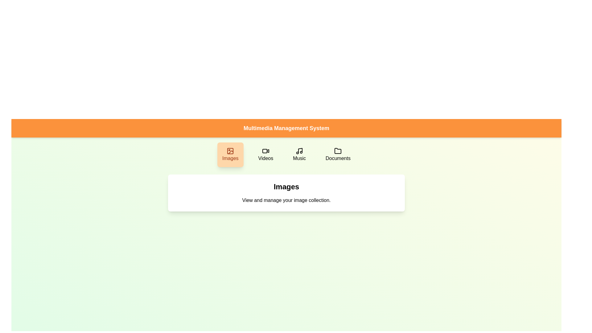 The width and height of the screenshot is (592, 333). Describe the element at coordinates (265, 154) in the screenshot. I see `the Videos button to switch the active category` at that location.